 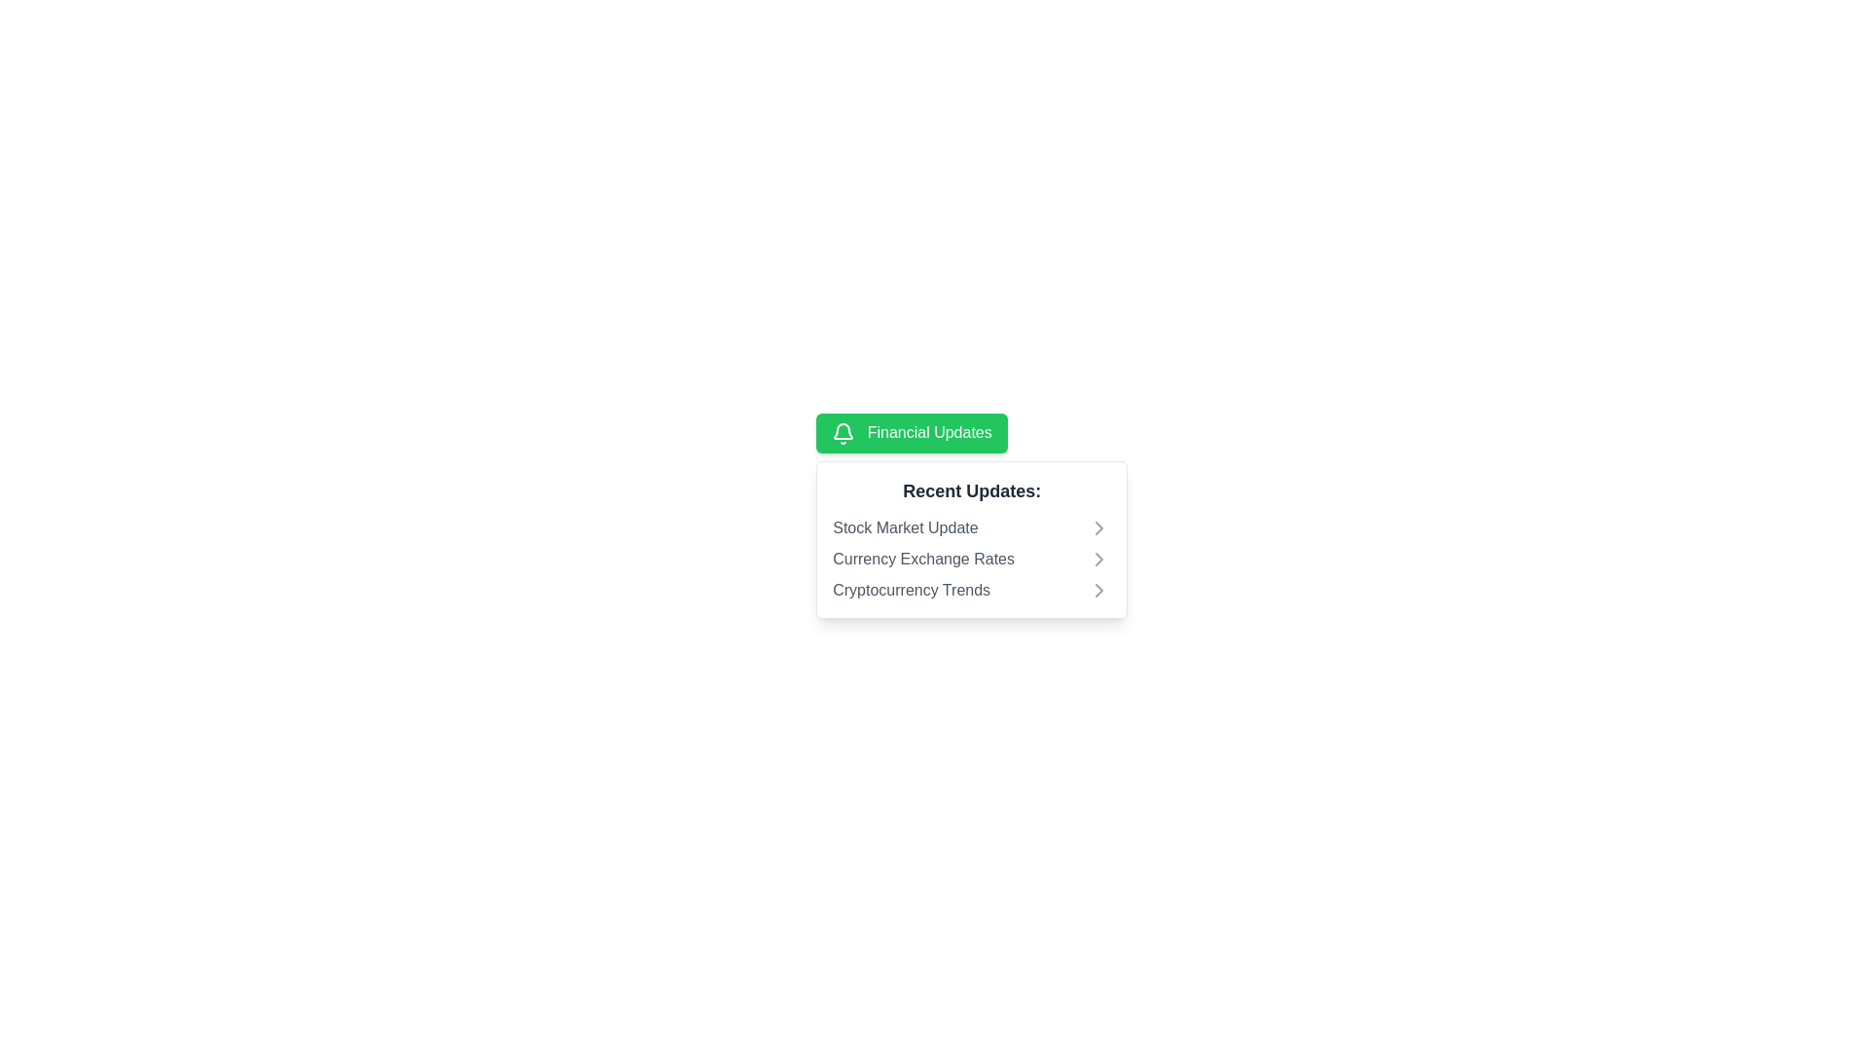 I want to click on the green rectangular button labeled 'Financial Updates' with a white bell icon, located near the top of the 'Recent Updates:' dropdown menu, so click(x=911, y=432).